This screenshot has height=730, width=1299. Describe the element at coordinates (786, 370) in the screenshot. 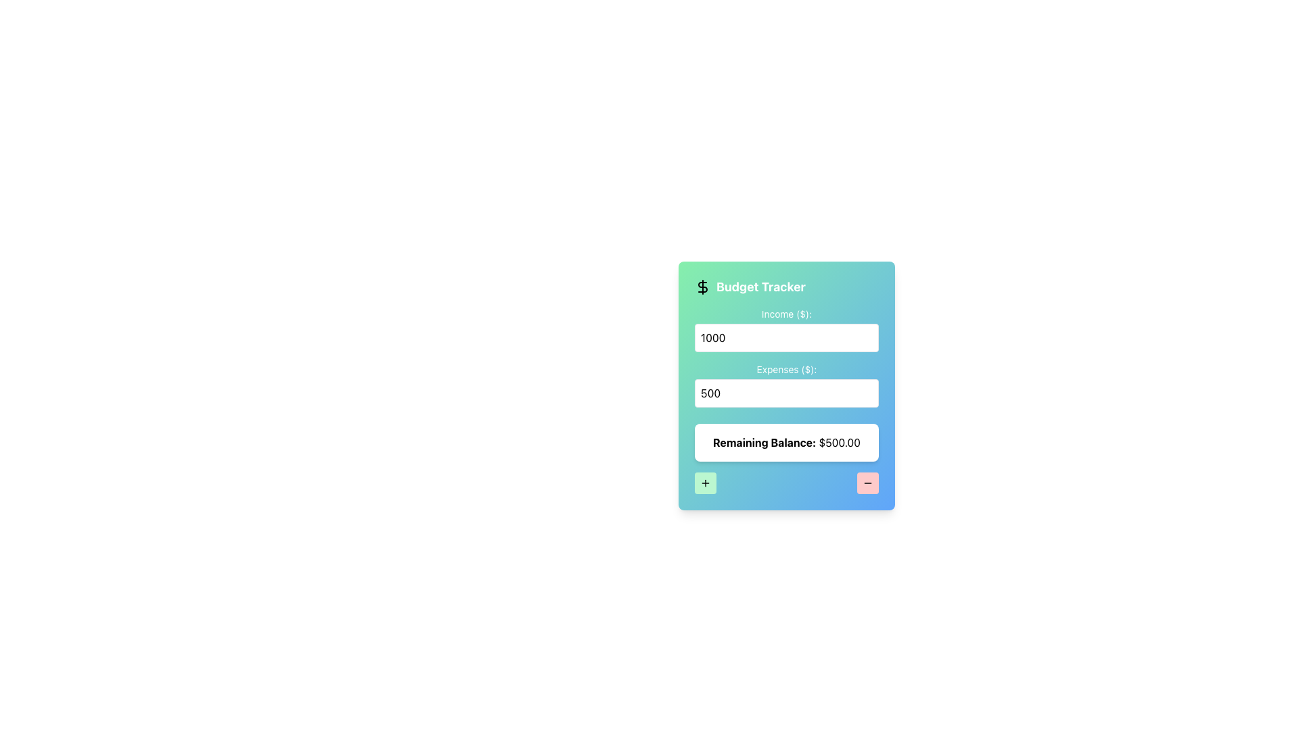

I see `the label displaying 'Expenses ($):' which is styled in white and positioned above the number input field within the form interface` at that location.